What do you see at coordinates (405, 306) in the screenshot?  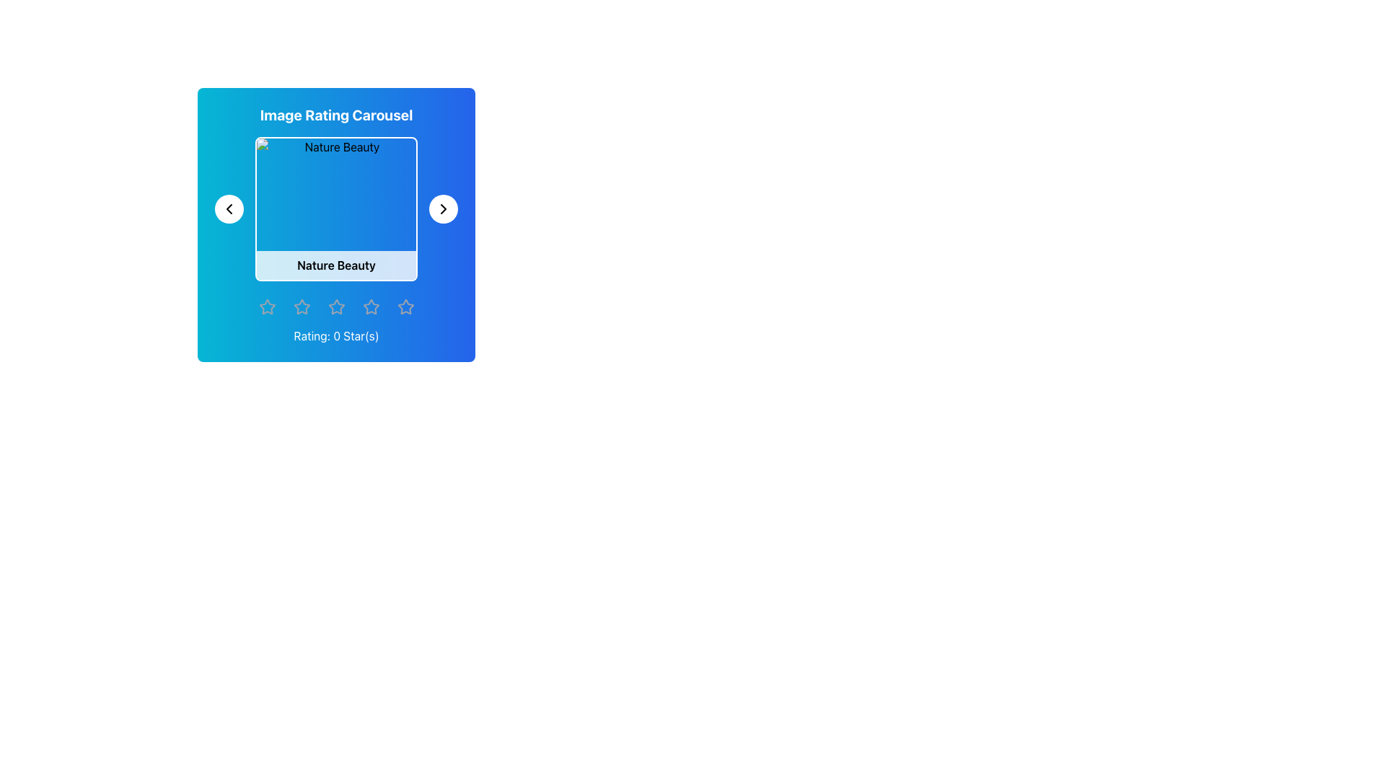 I see `the sixth star in the linear sequence of rating stars at the bottom of the card component` at bounding box center [405, 306].